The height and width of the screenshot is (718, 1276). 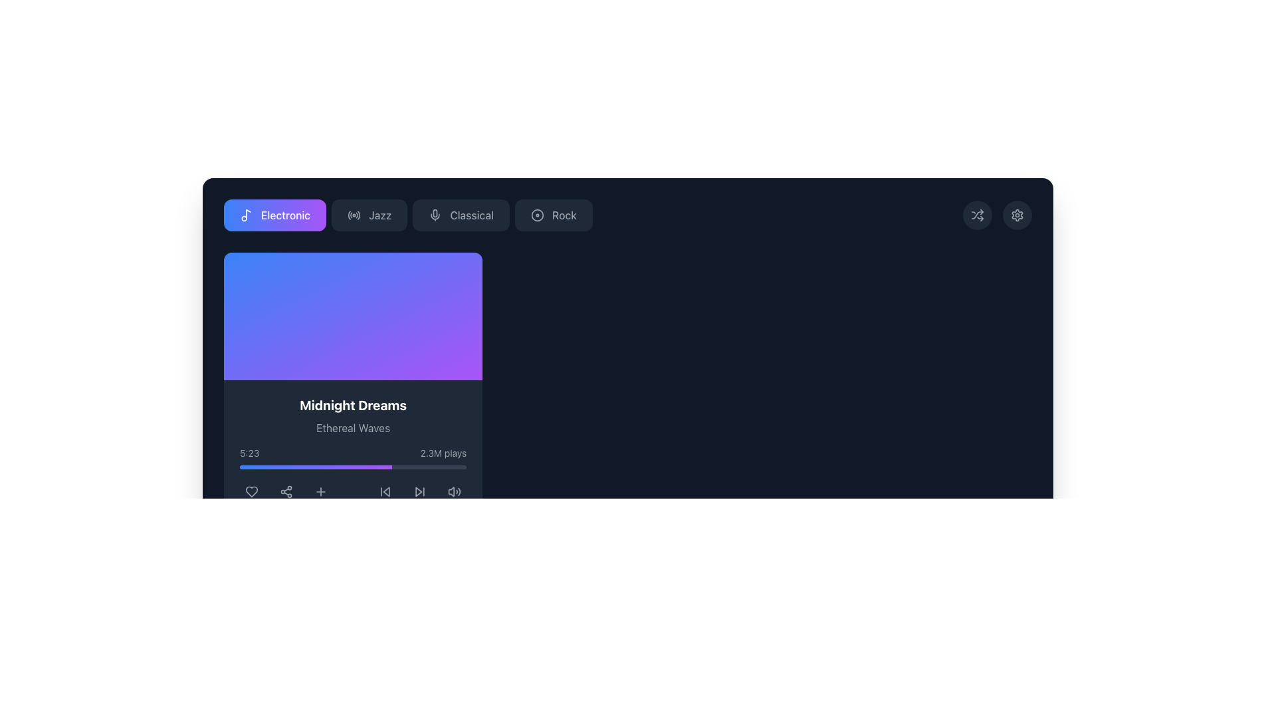 What do you see at coordinates (286, 492) in the screenshot?
I see `the share icon, which is a minimalistic gray button resembling a triangular share symbol, centrally positioned in the horizontal menu at the bottom of the media playback card` at bounding box center [286, 492].